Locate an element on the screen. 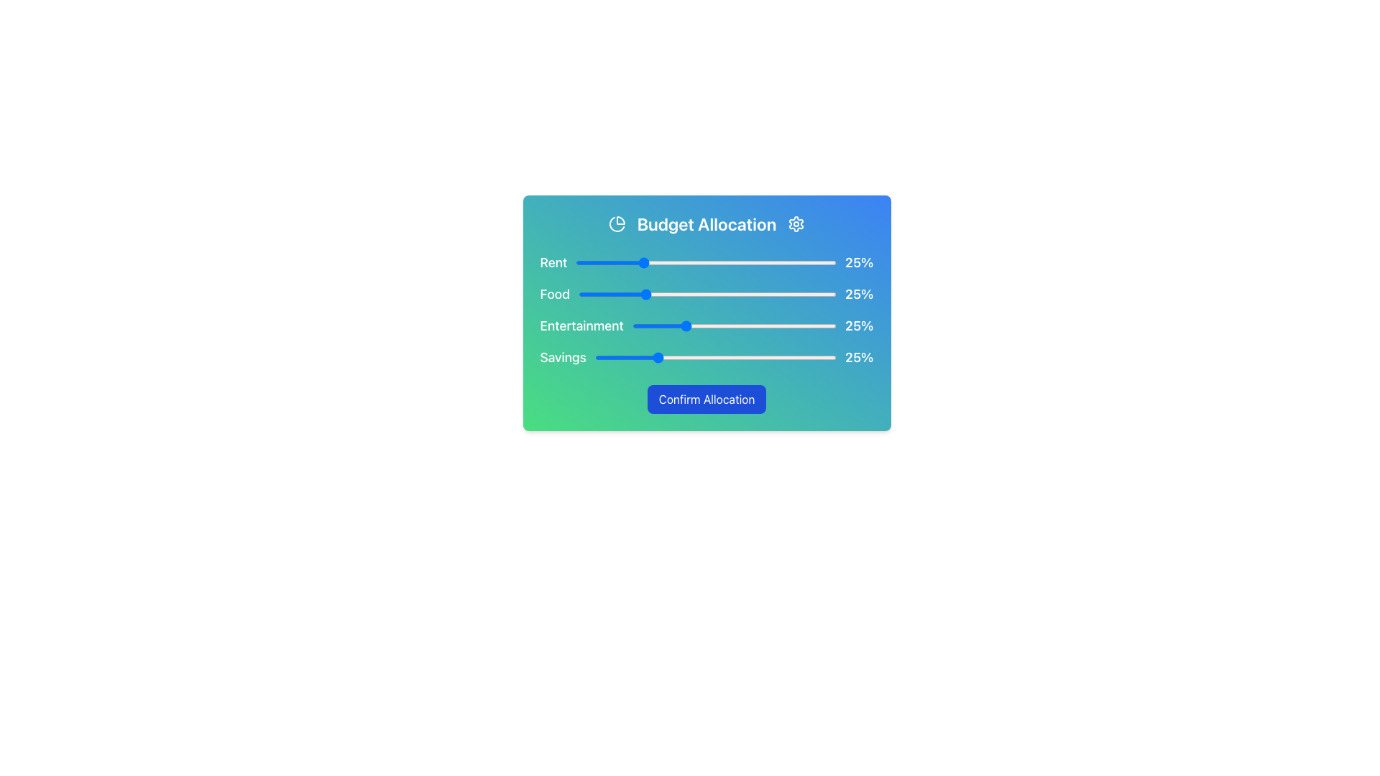  the Savings slider is located at coordinates (626, 356).